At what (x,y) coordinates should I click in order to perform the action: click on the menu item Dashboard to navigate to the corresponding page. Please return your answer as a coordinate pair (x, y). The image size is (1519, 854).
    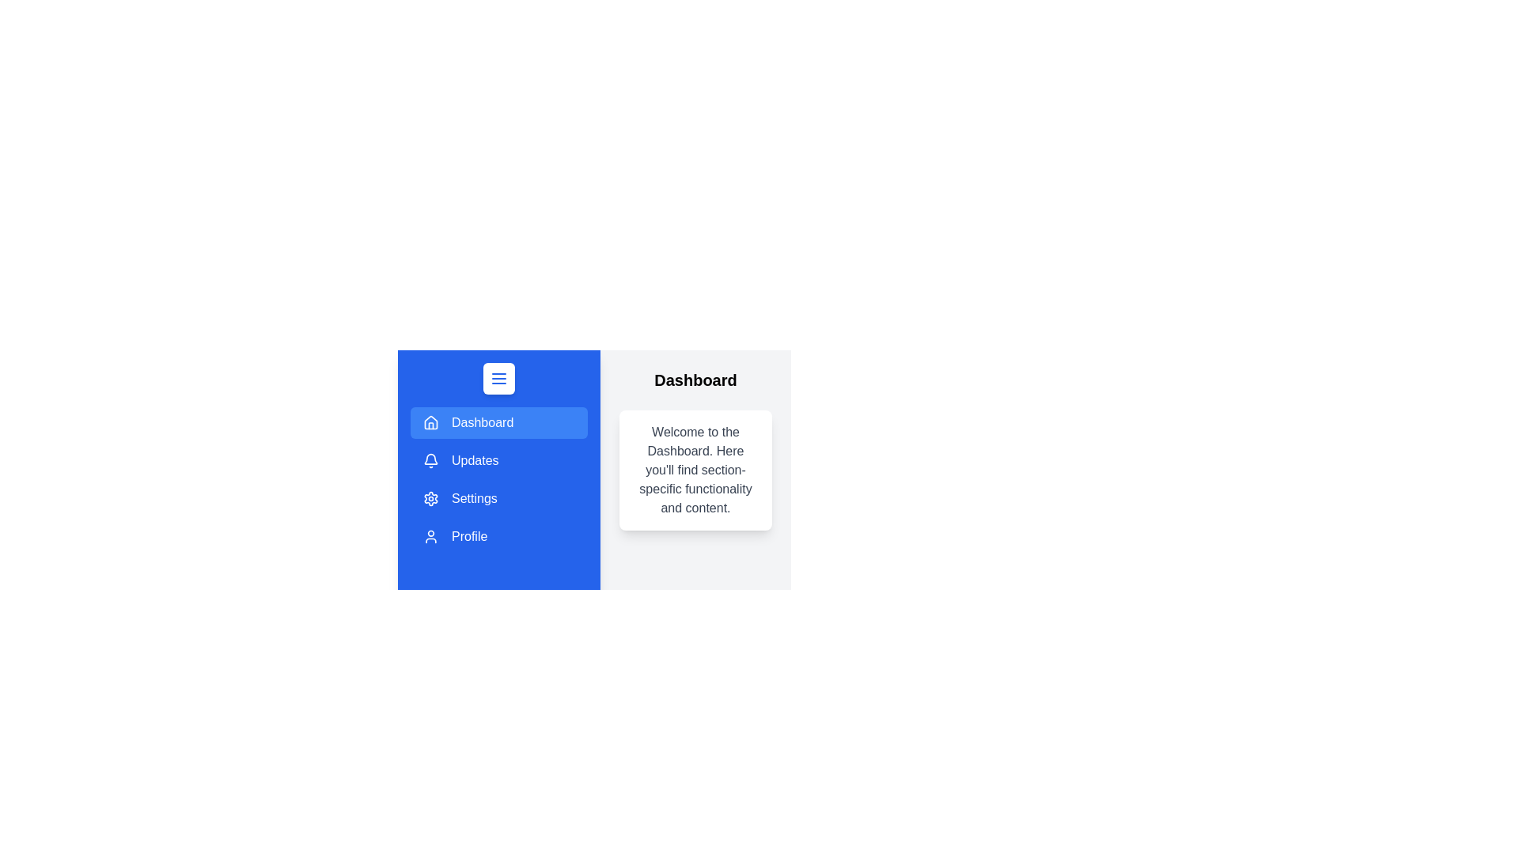
    Looking at the image, I should click on (498, 422).